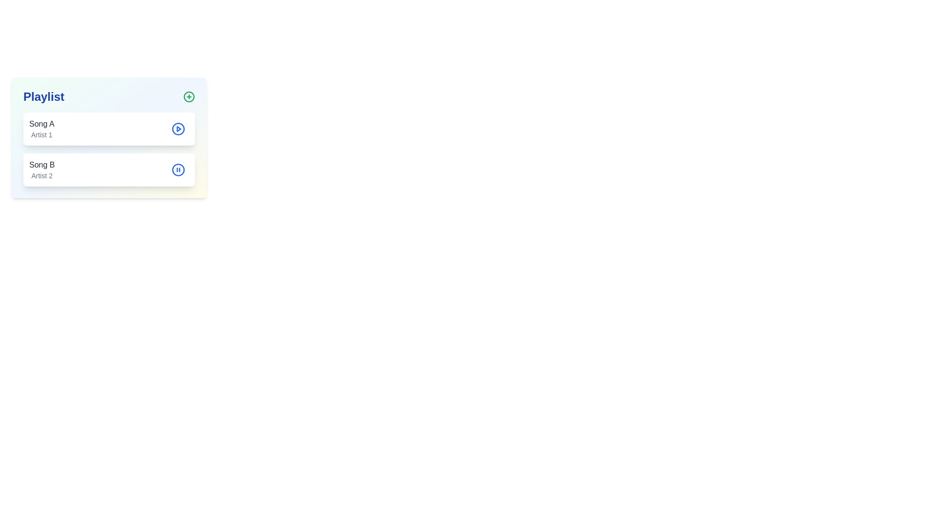  I want to click on the text label indicating the title of the second song in the playlist, which is located above 'Artist 2' and aligned with the song's icon, so click(41, 165).